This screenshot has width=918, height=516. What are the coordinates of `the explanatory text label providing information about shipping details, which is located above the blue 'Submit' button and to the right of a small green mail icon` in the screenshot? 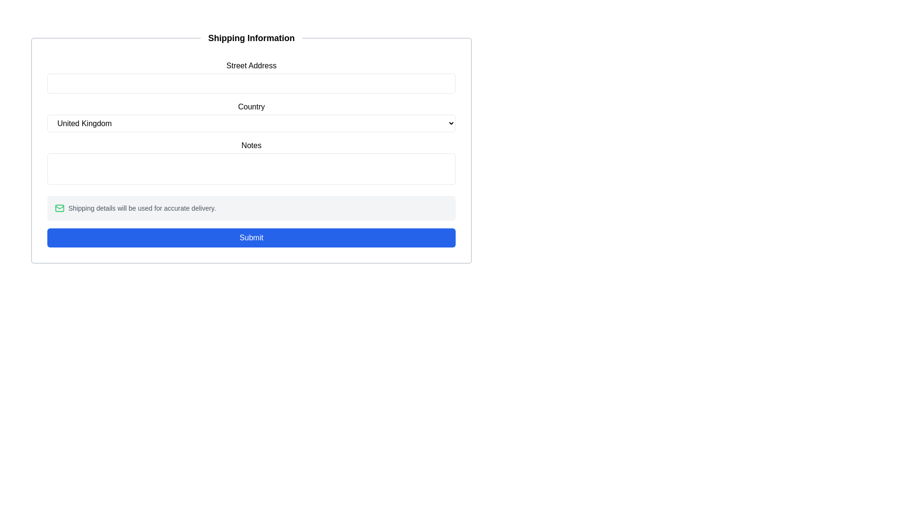 It's located at (142, 207).